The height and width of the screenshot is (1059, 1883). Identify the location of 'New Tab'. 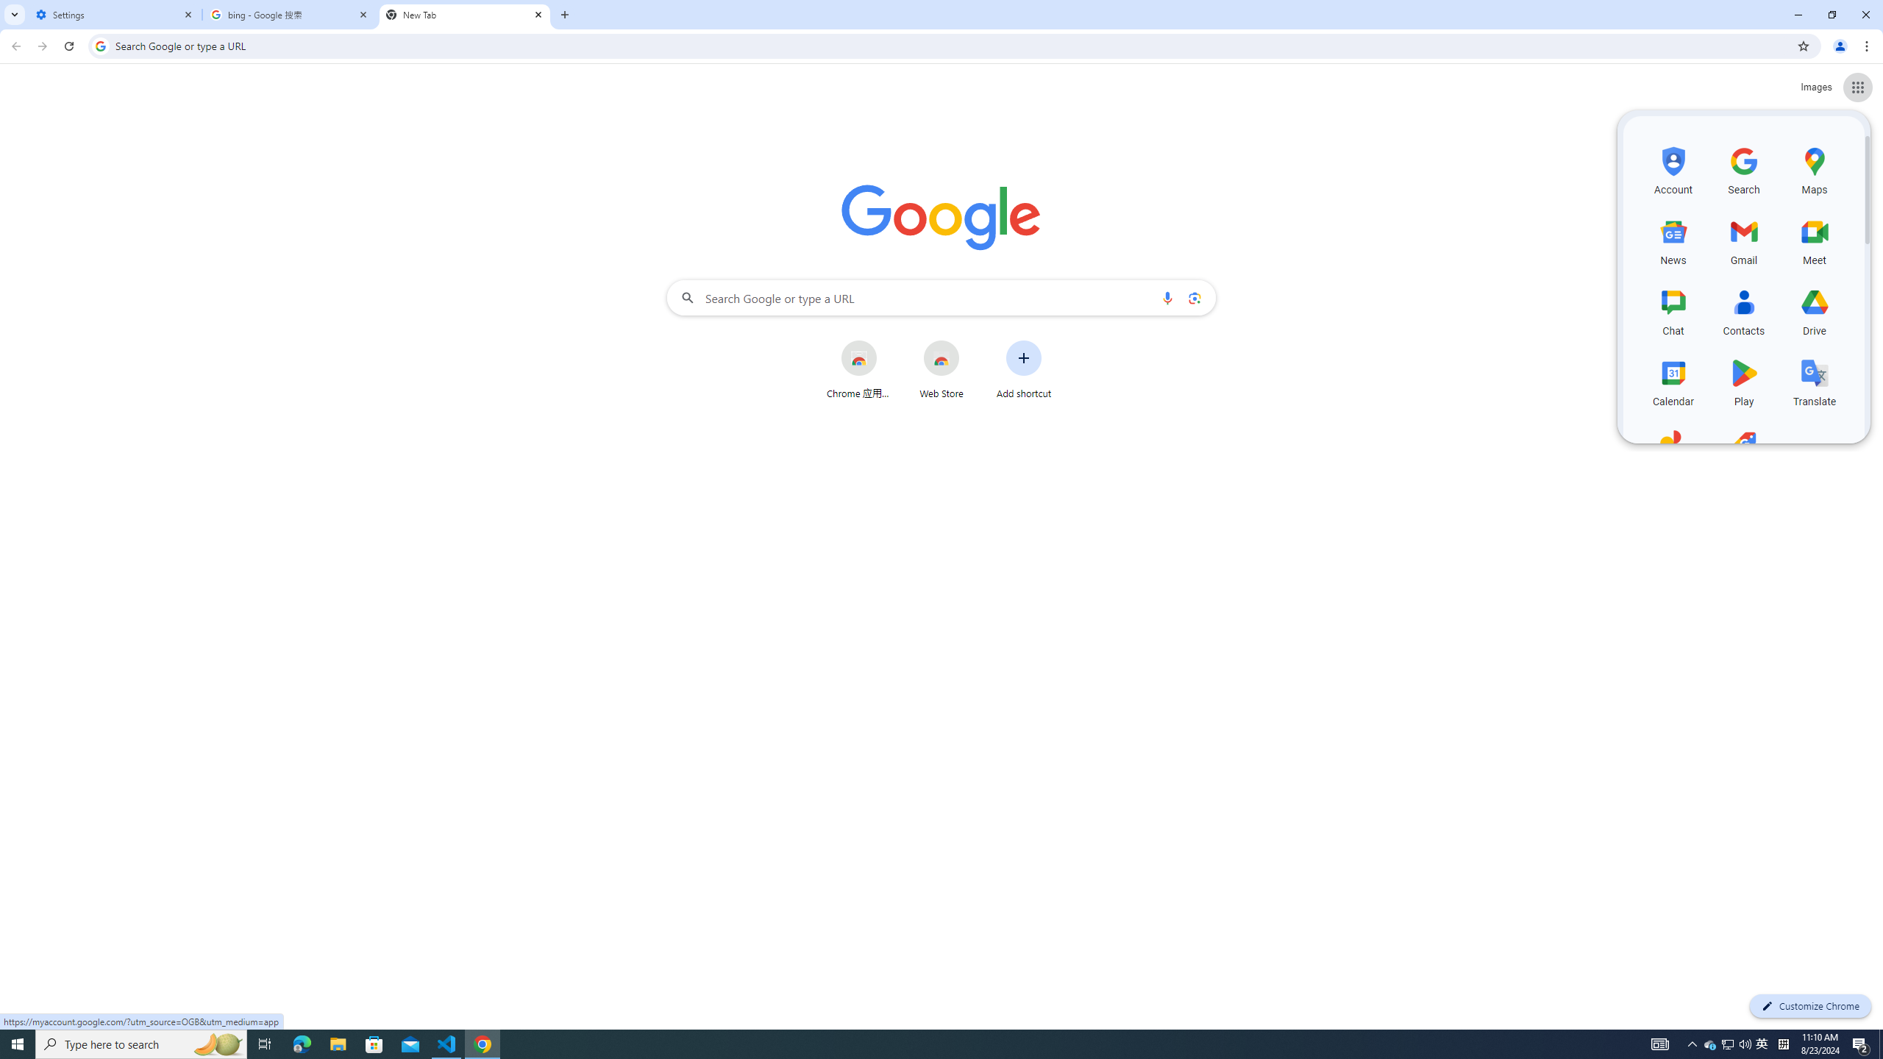
(464, 14).